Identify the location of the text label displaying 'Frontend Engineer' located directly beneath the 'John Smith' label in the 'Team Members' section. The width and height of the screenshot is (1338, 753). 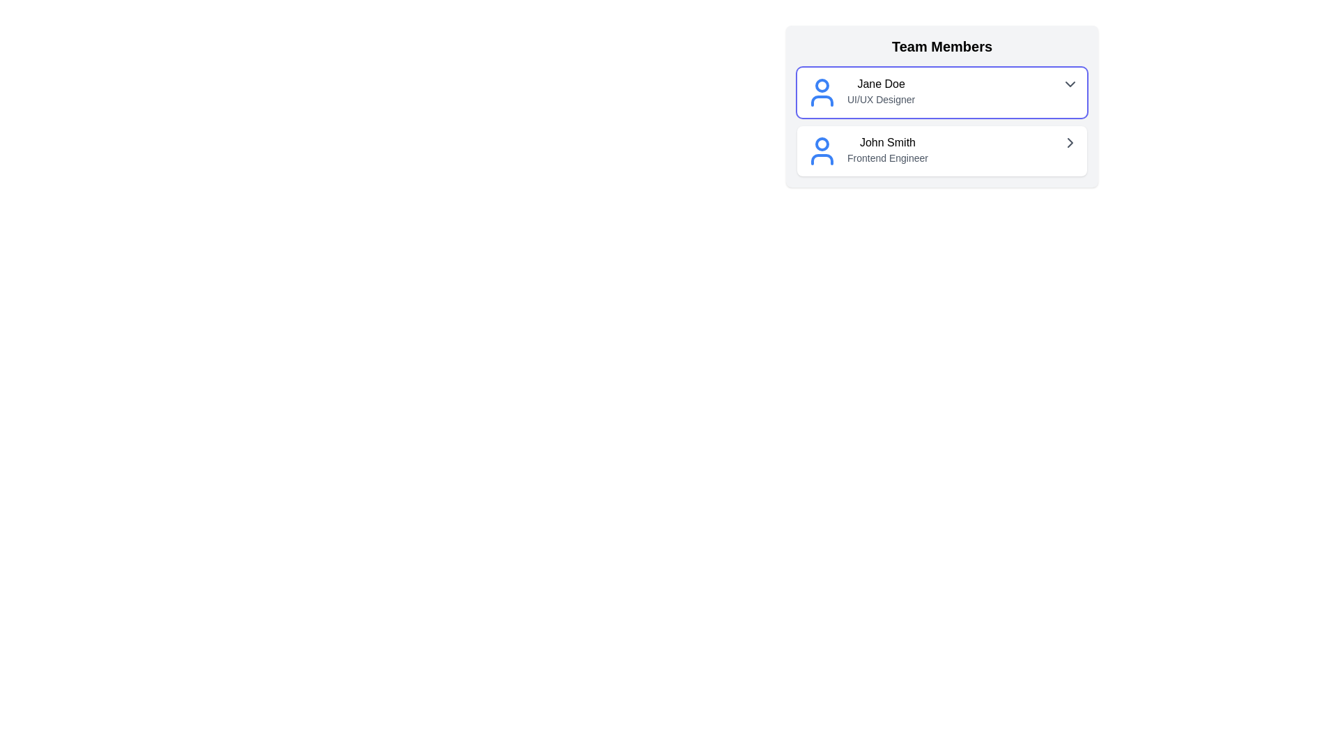
(886, 158).